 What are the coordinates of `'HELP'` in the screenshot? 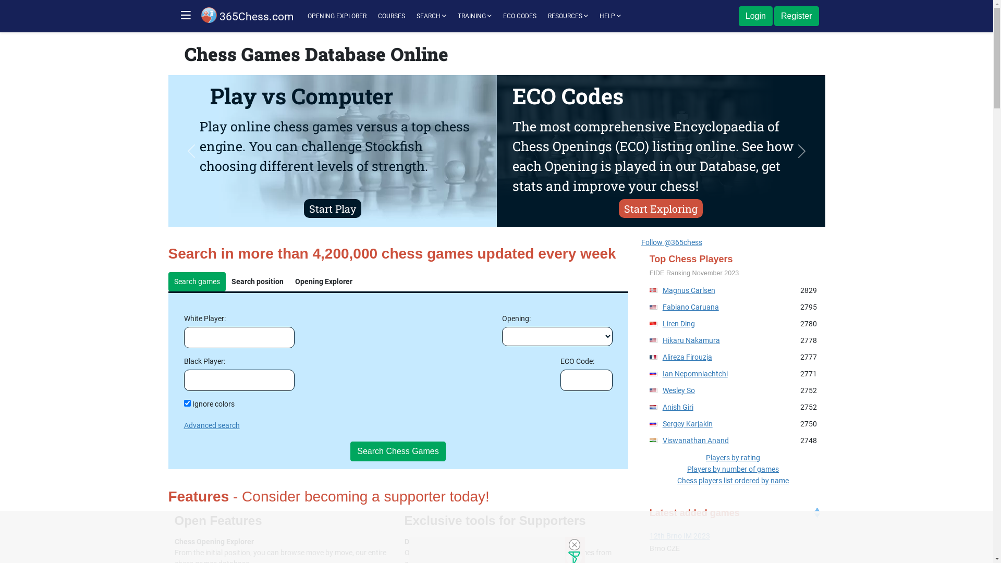 It's located at (595, 16).